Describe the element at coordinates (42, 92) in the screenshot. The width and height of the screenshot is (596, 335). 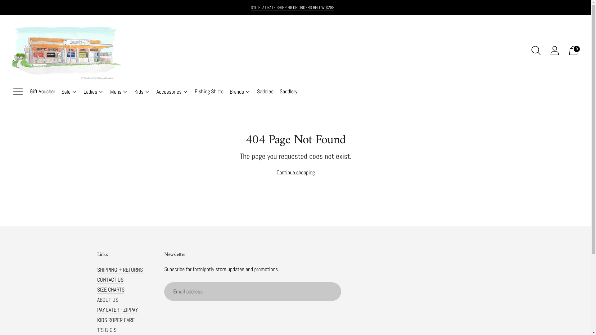
I see `'Gift Voucher'` at that location.